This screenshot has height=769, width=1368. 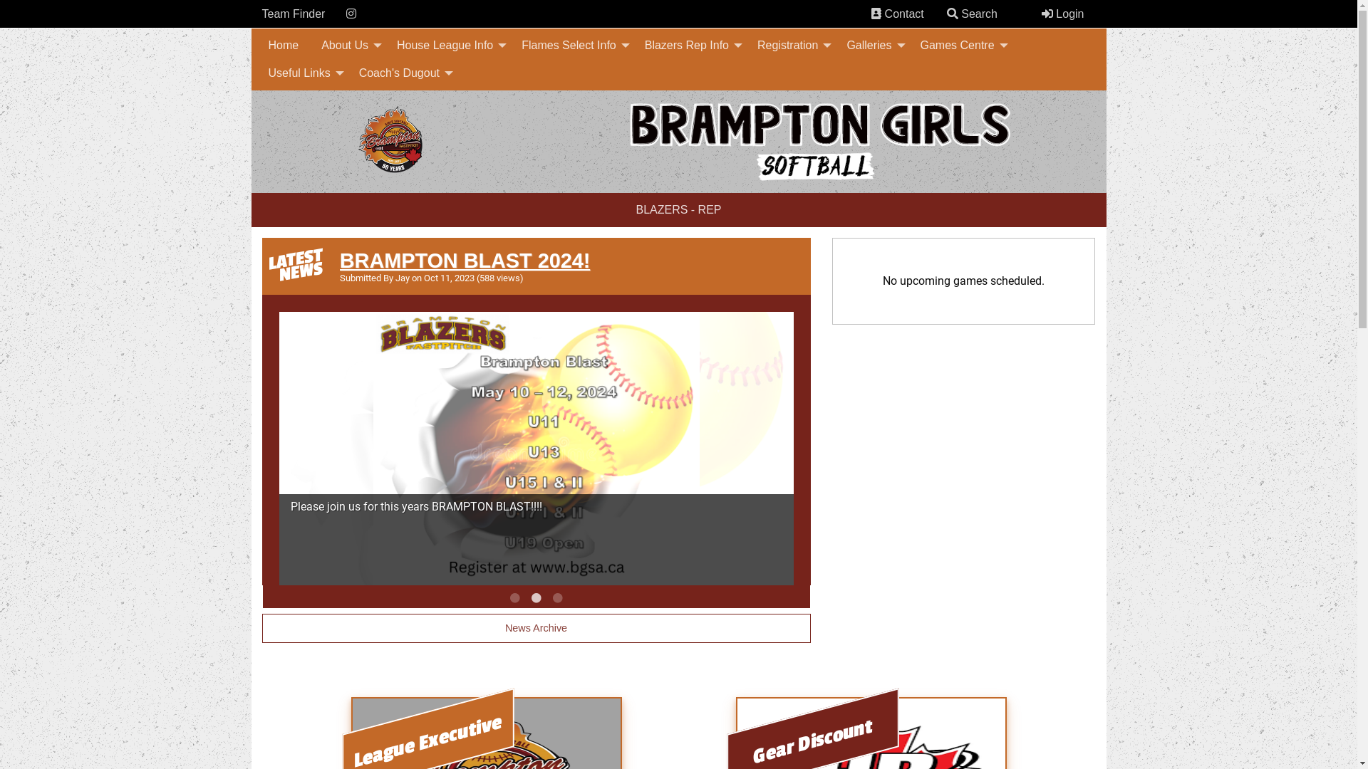 I want to click on ' Contact', so click(x=896, y=14).